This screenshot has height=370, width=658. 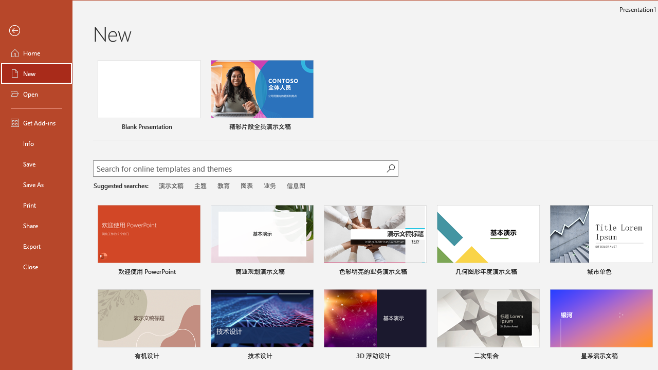 What do you see at coordinates (36, 72) in the screenshot?
I see `'New'` at bounding box center [36, 72].